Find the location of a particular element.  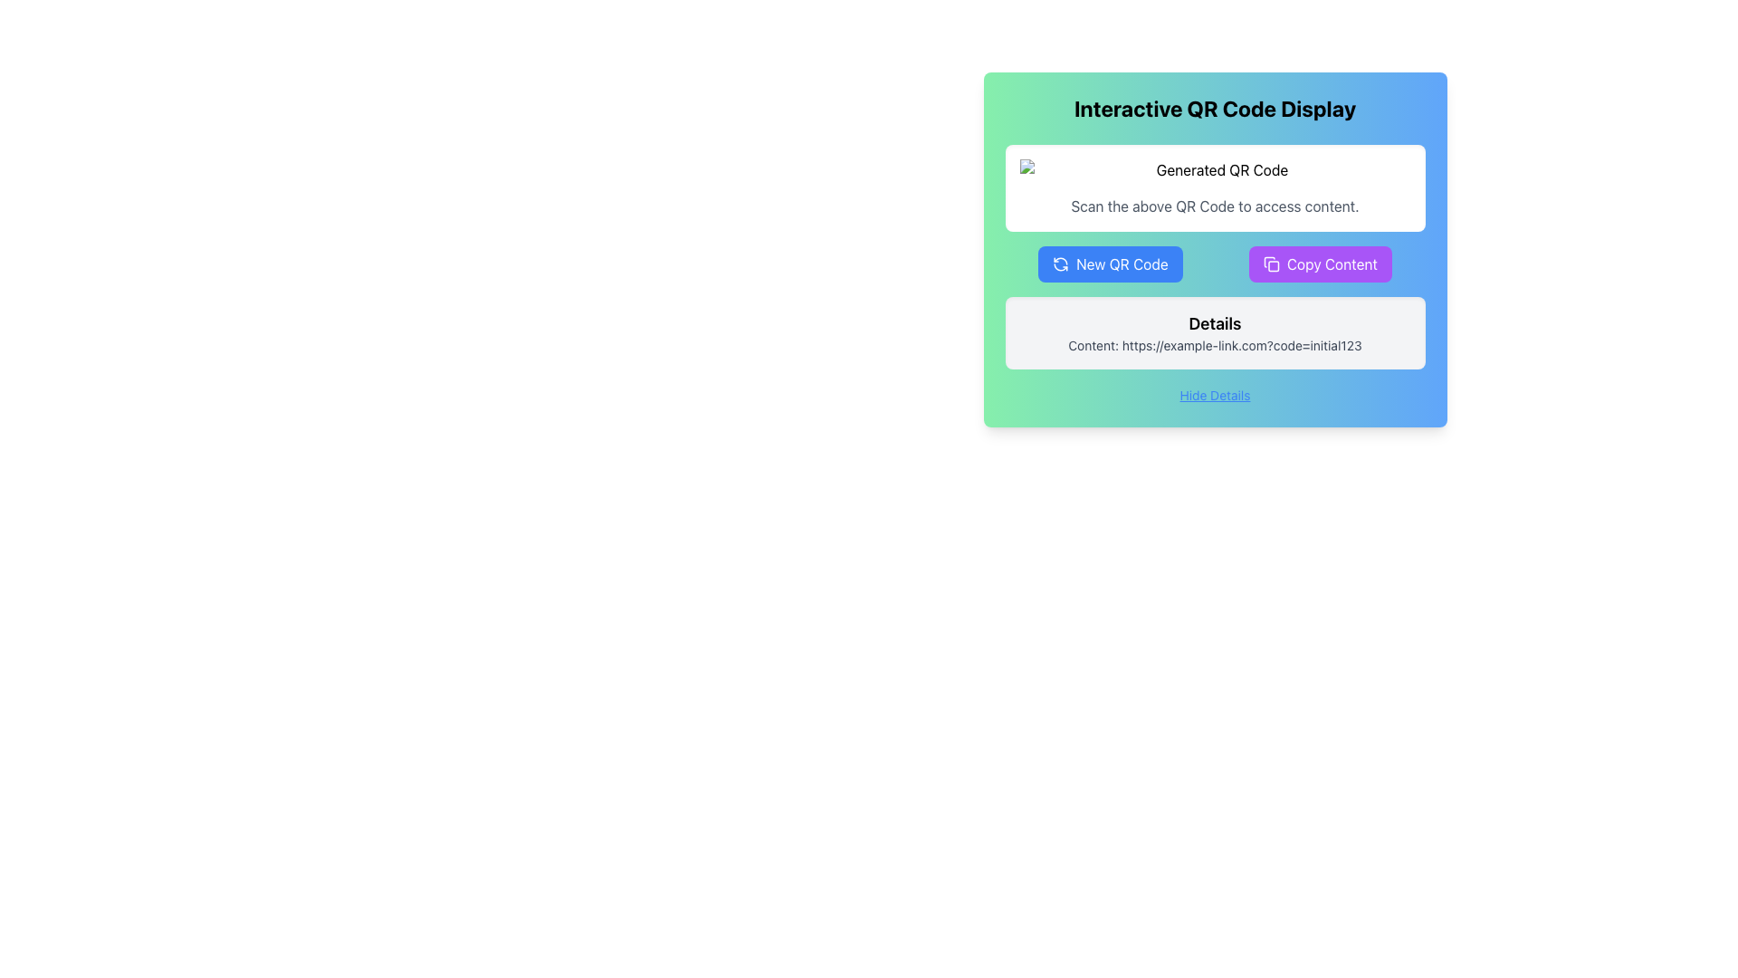

the instructional Text Label that guides users to scan the QR code above is located at coordinates (1215, 205).